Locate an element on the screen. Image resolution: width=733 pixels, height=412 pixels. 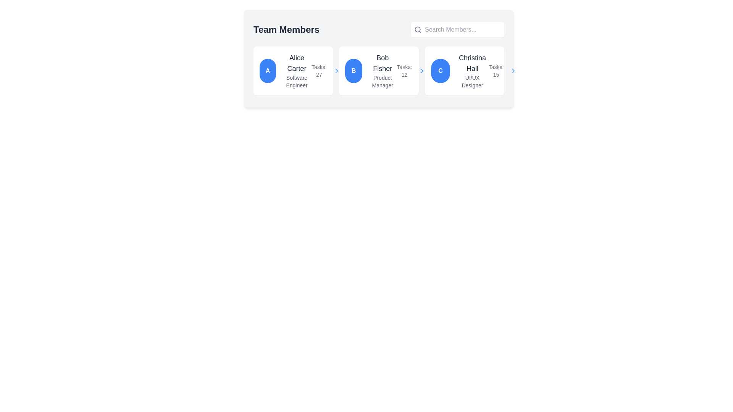
the Summary card for Bob Fisher, which is the middle item is located at coordinates (379, 71).